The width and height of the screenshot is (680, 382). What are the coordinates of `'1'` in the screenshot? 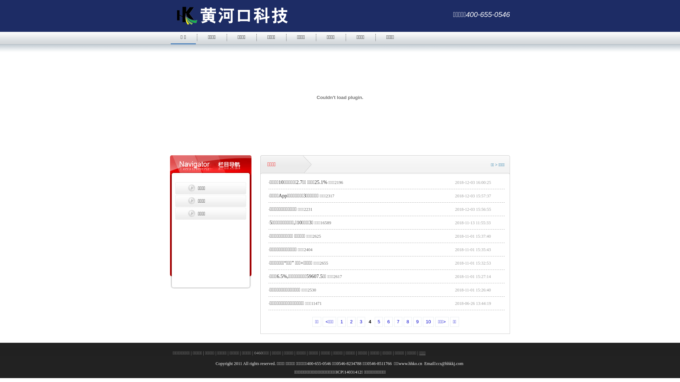 It's located at (341, 322).